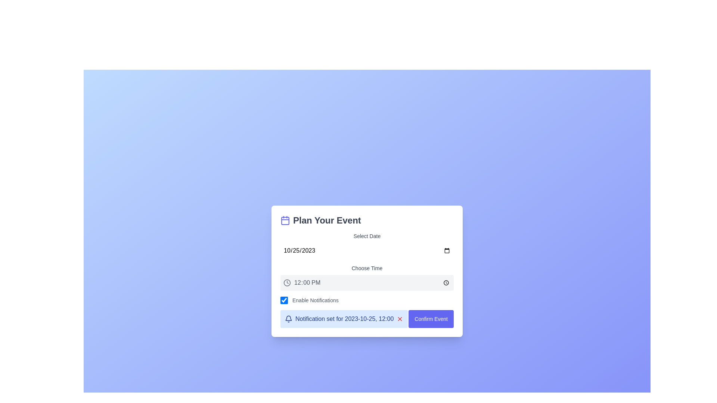 The height and width of the screenshot is (403, 717). I want to click on the blue bell icon located in the notification bar, adjacent to the notification text 'Notification set for 2023-10-25, 12:00', so click(288, 319).